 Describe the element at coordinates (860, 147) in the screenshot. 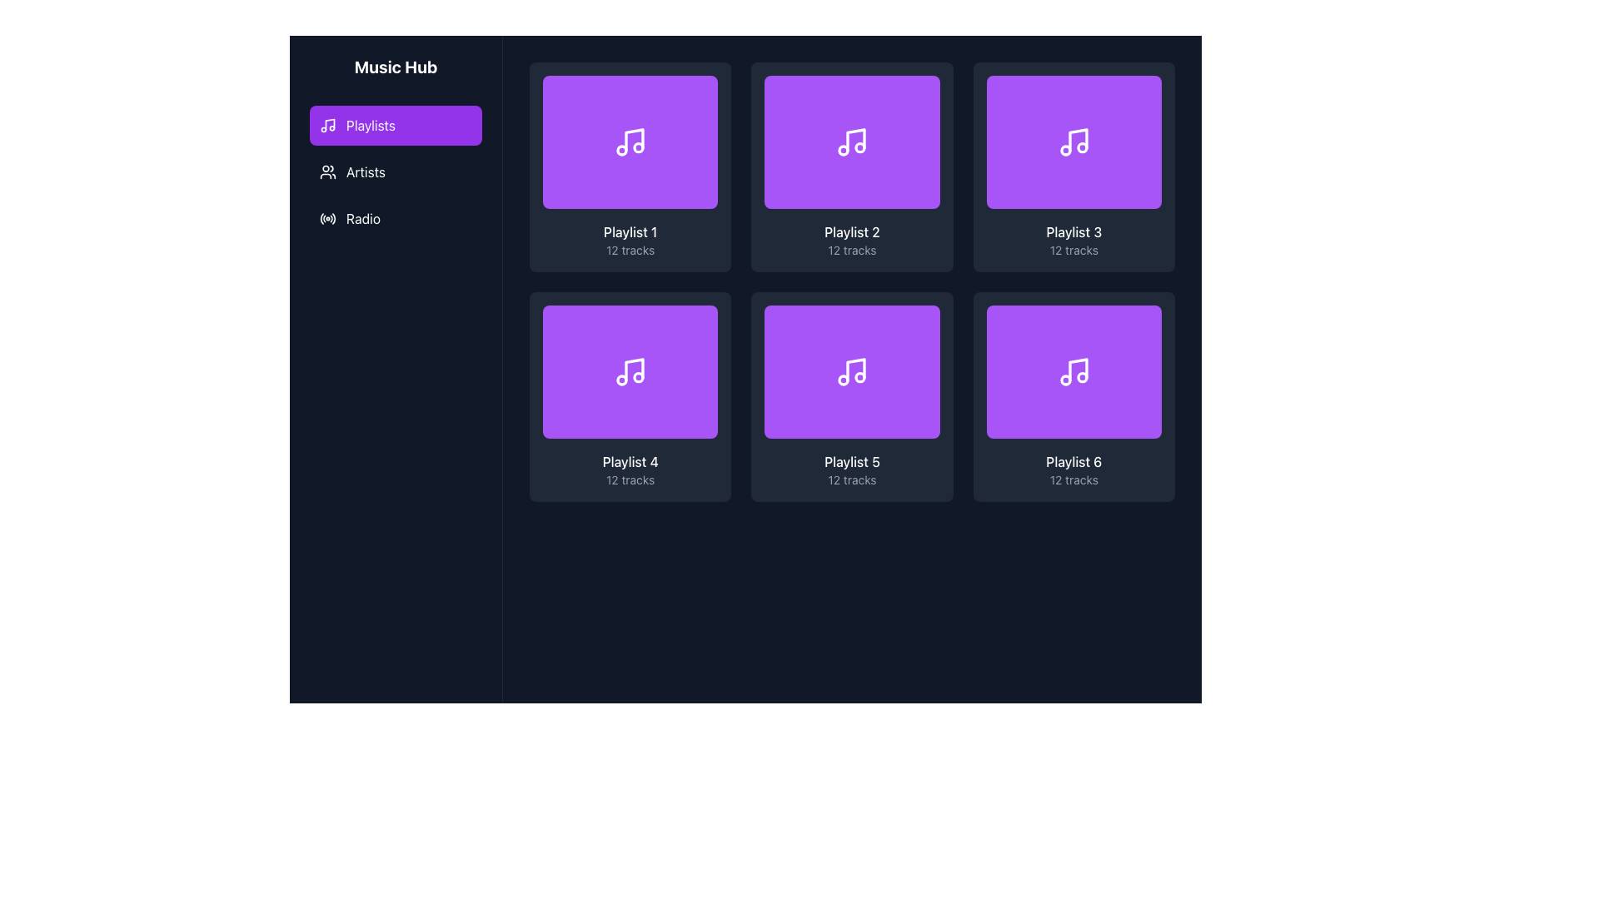

I see `the small circular shape within the music icon located on the purple tile labeled 'Playlist 2'` at that location.